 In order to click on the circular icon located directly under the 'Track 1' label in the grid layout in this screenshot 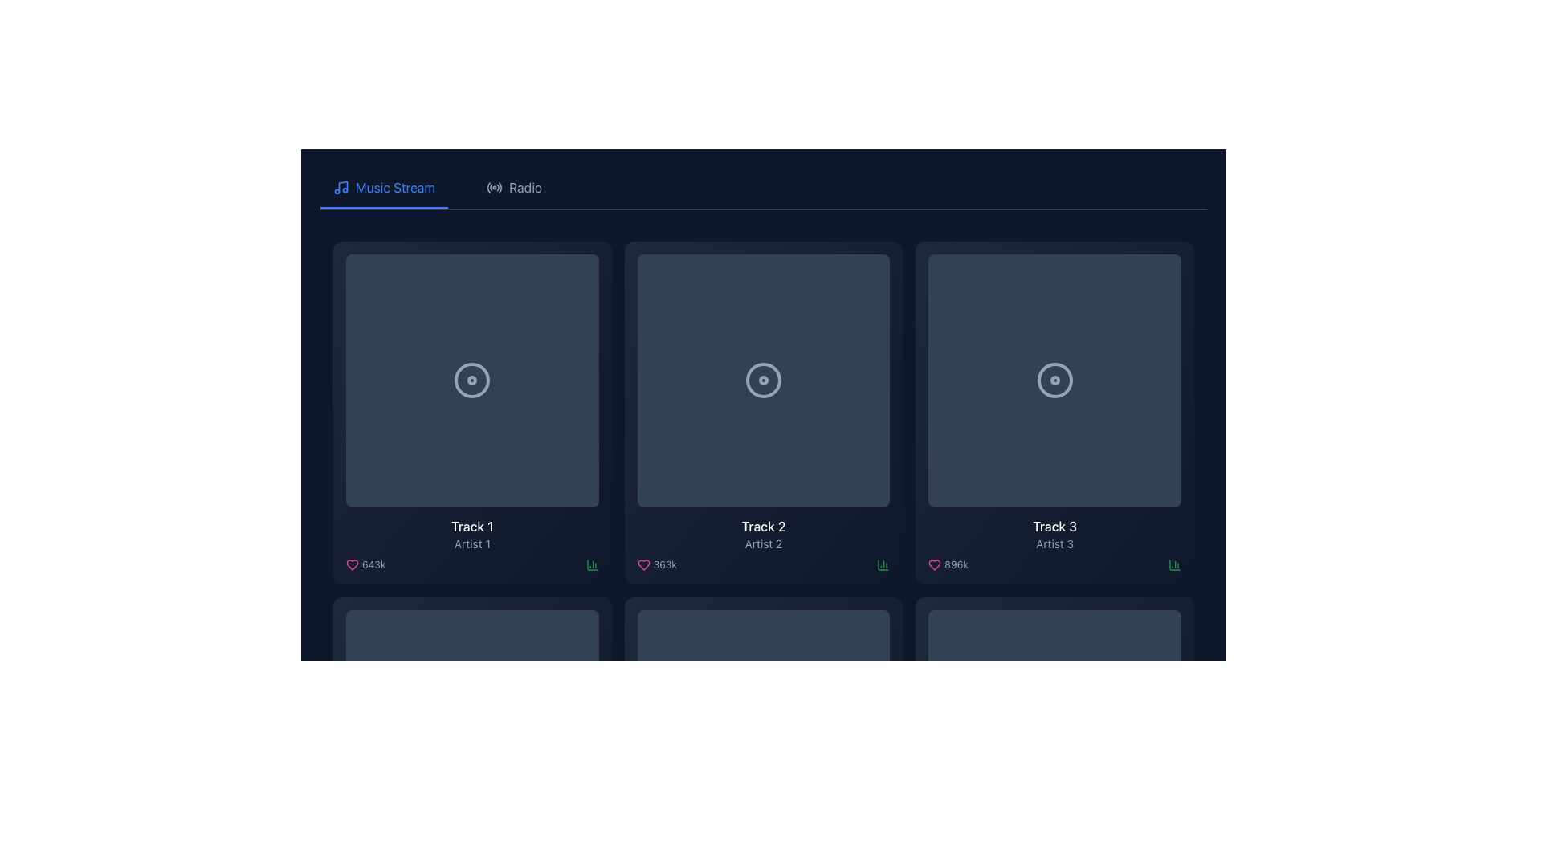, I will do `click(471, 381)`.